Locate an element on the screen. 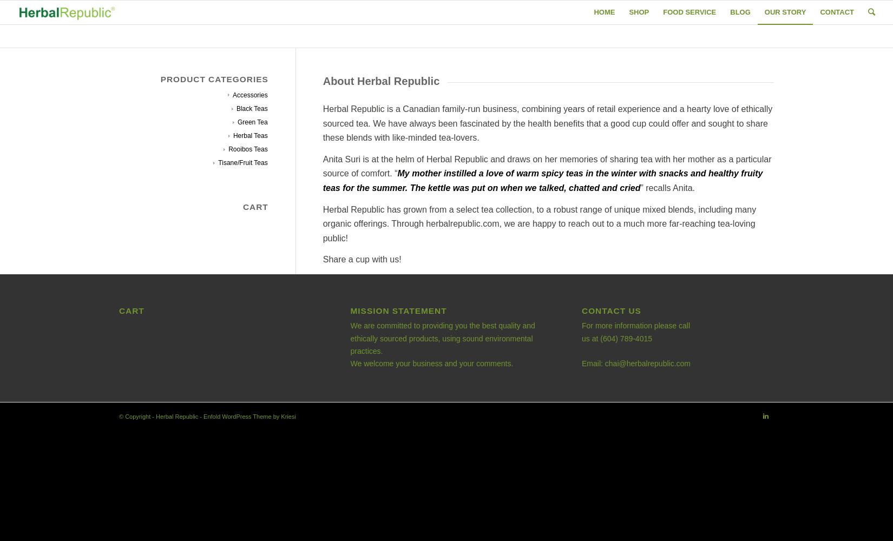 This screenshot has height=541, width=893. 'Herbal Republic has grown from a select tea collection, to a robust range of unique mixed blends, including many organic offerings. Through herbalrepublic.com, we are happy to reach out to a much more far-reaching tea-loving public!' is located at coordinates (539, 223).